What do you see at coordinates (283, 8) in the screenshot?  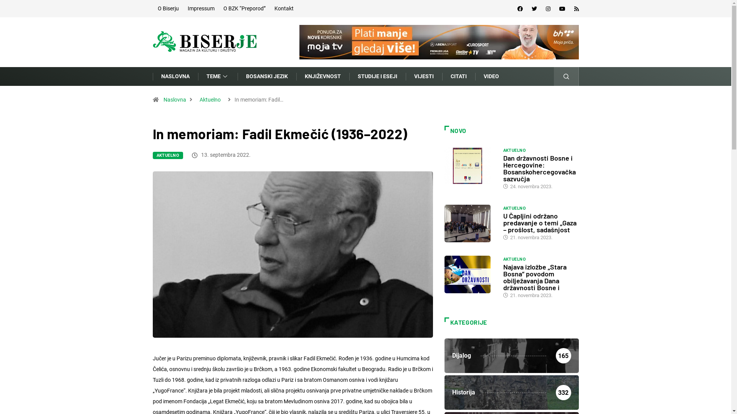 I see `'Kontakt'` at bounding box center [283, 8].